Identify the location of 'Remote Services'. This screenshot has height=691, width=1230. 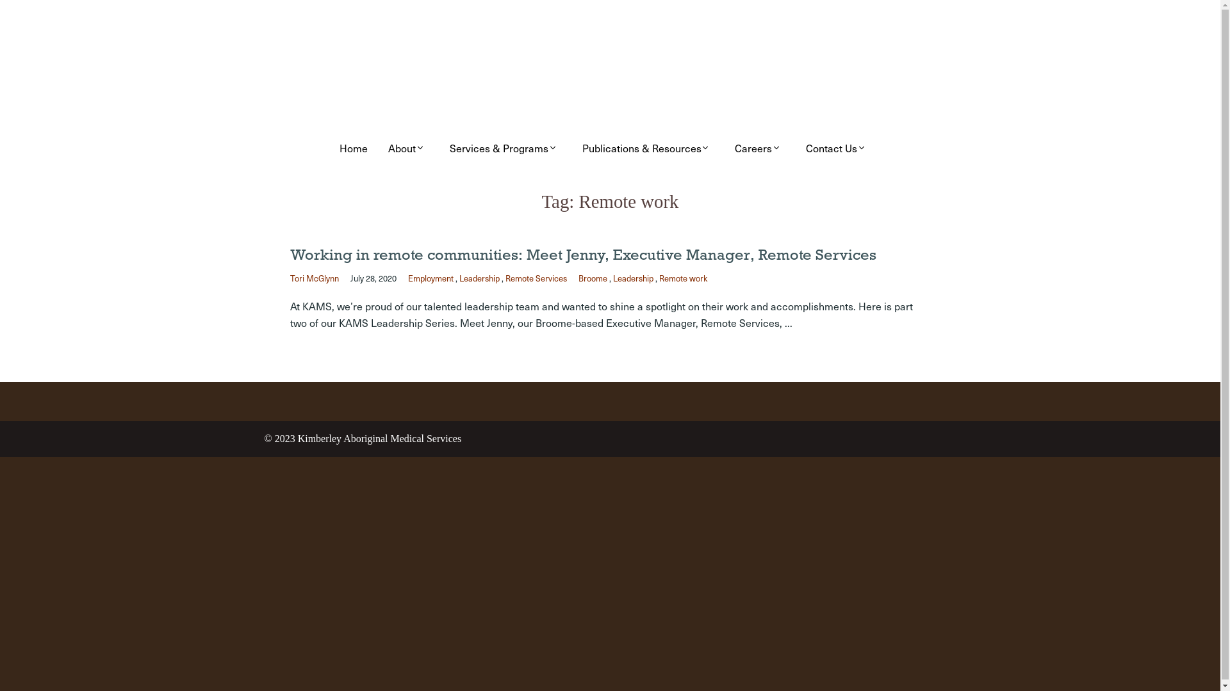
(535, 277).